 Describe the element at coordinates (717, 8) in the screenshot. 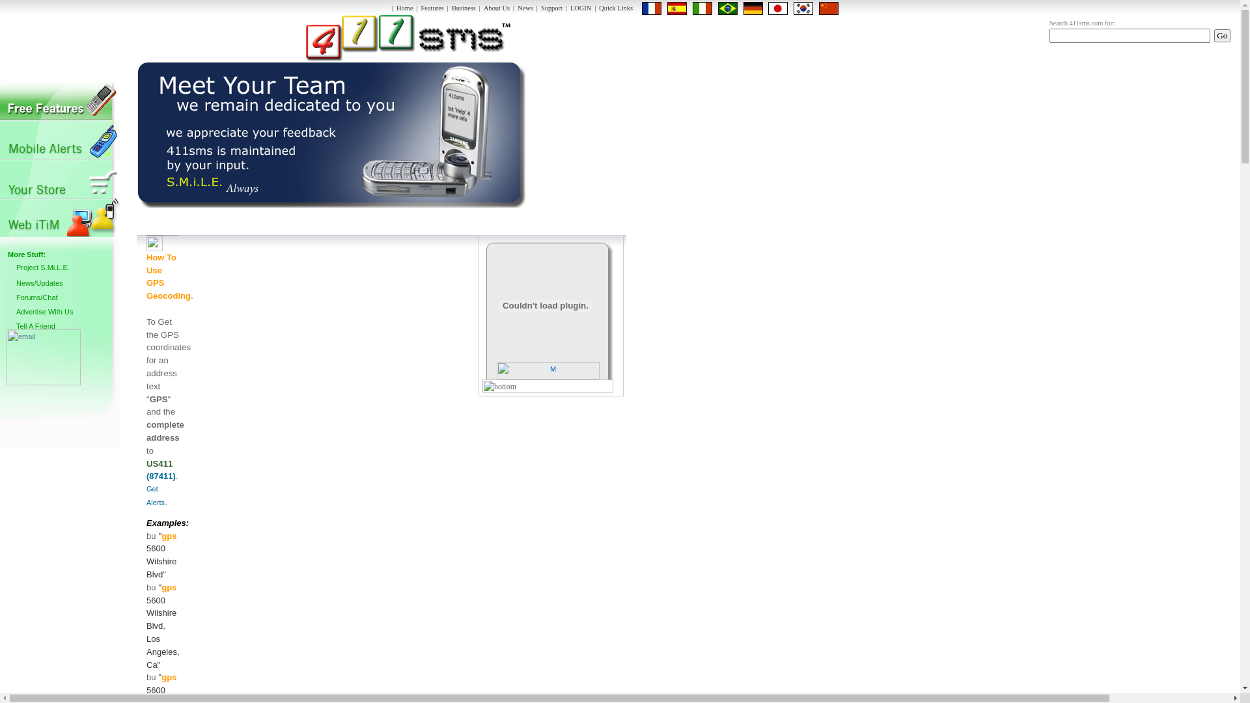

I see `'en|pt'` at that location.